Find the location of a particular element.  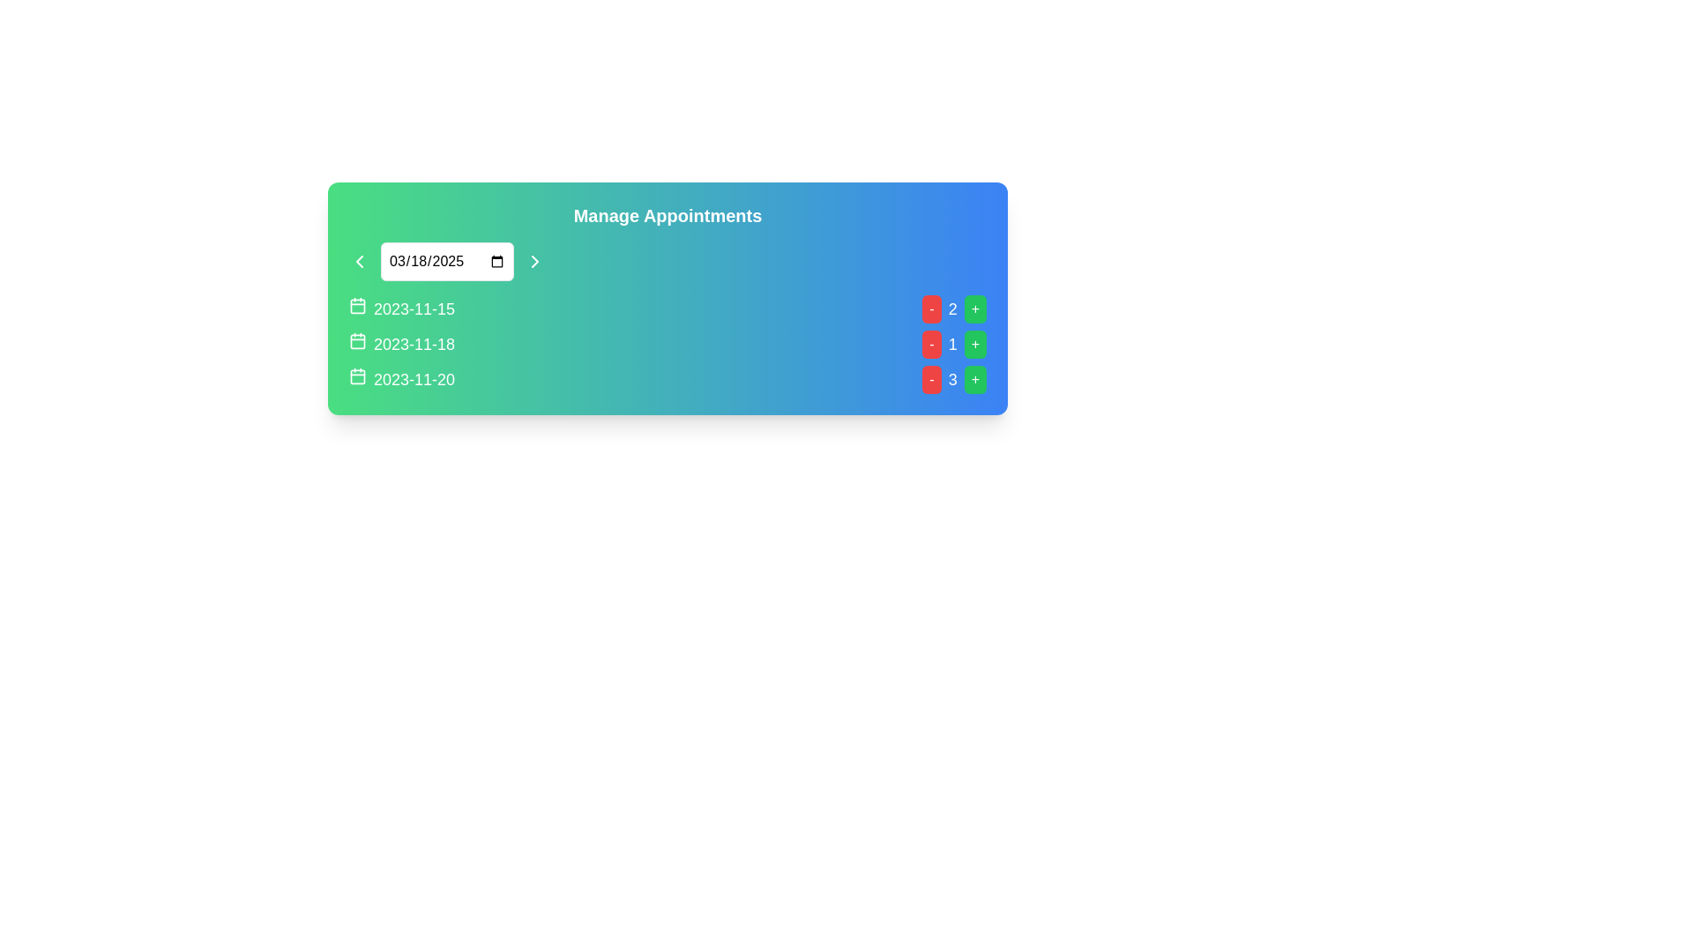

the calendar icon located next to the date entry '2023-11-20' in the 'Manage Appointments' section, which is the last item in the list is located at coordinates (357, 376).